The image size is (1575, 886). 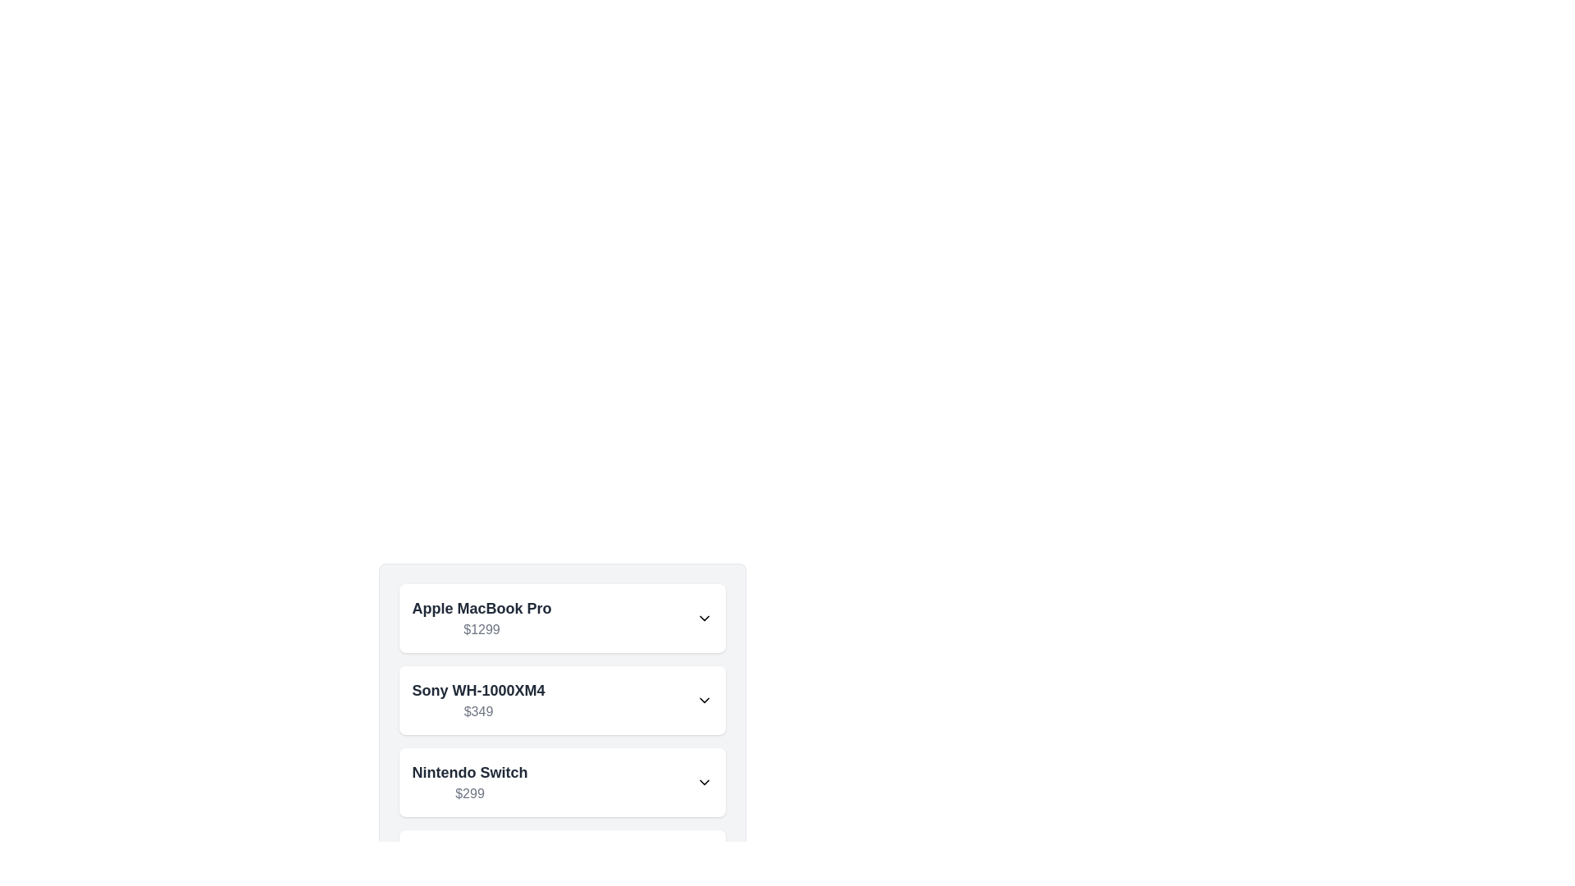 What do you see at coordinates (562, 618) in the screenshot?
I see `the text content of the product card displaying 'Apple MacBook Pro' and its price '$1299', which is the topmost card in the list of product cards` at bounding box center [562, 618].